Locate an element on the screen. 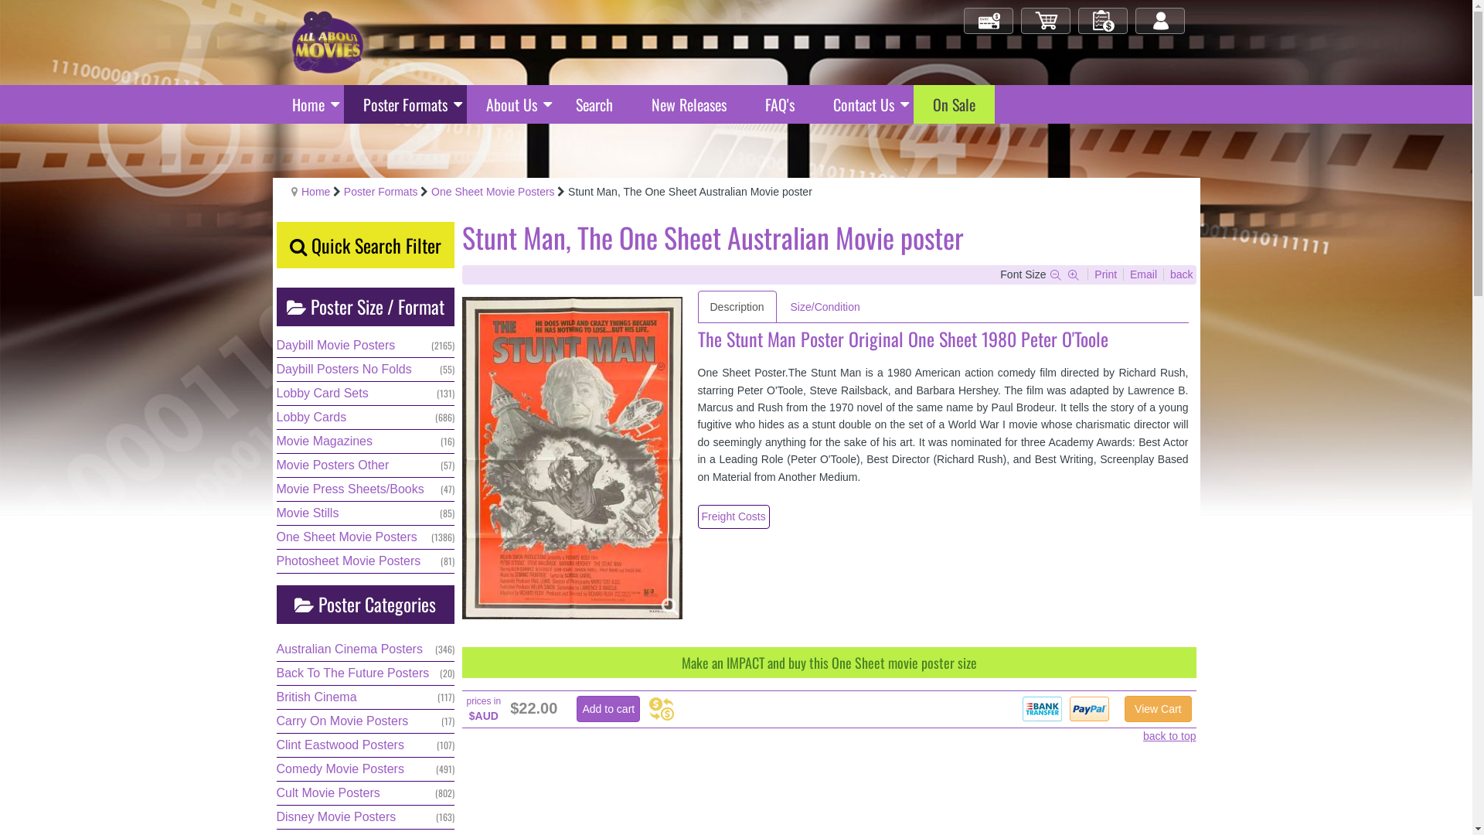 The width and height of the screenshot is (1484, 835). 'Size/Condition' is located at coordinates (825, 307).